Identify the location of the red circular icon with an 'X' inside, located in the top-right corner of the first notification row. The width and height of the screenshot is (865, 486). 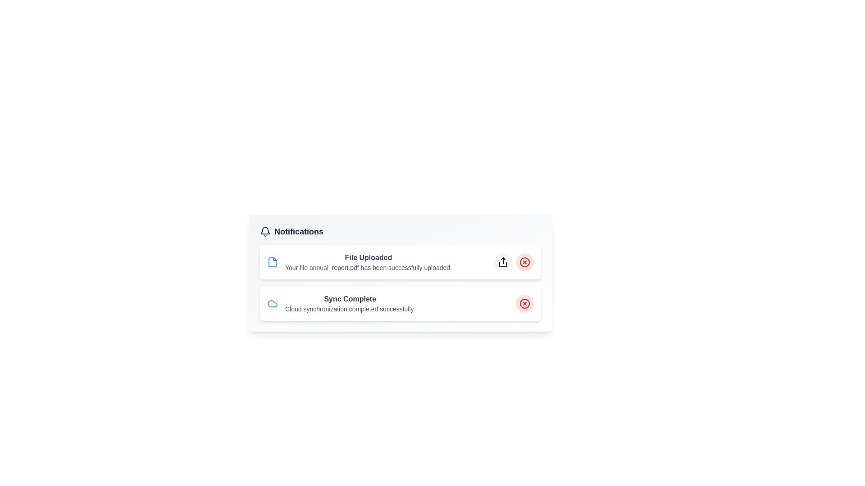
(525, 262).